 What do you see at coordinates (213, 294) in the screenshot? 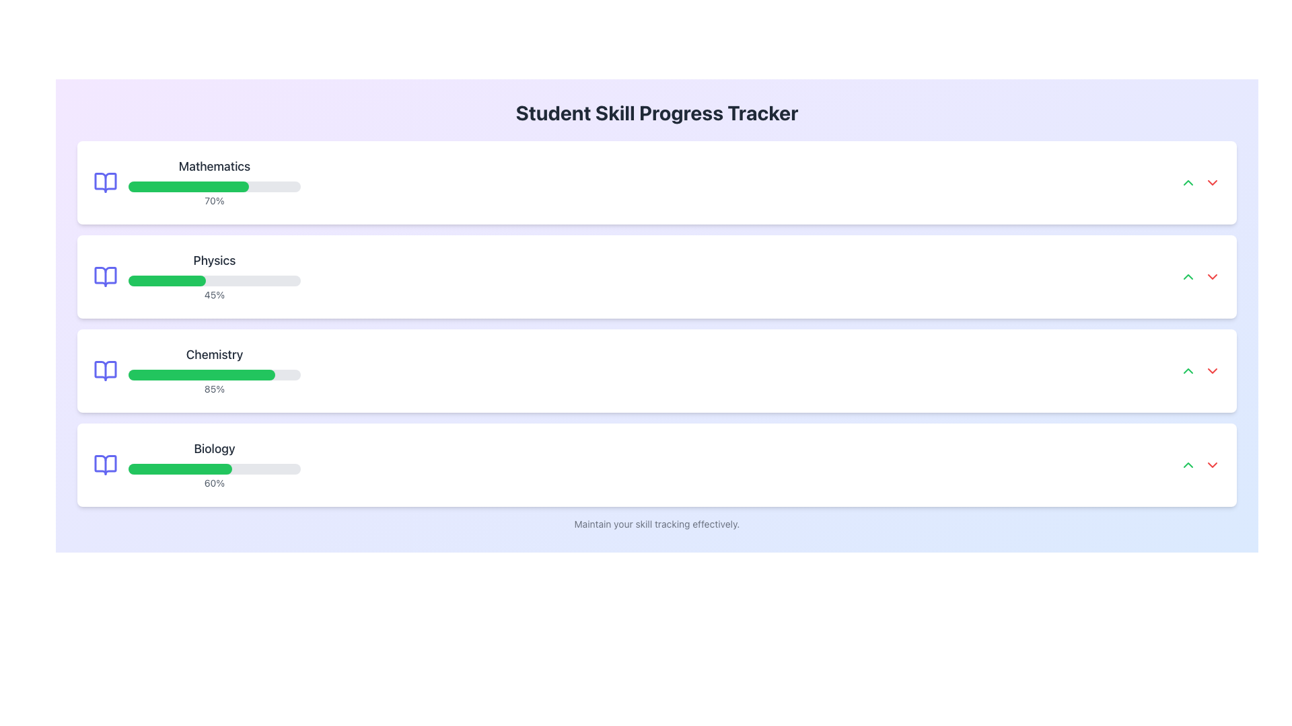
I see `the text label indicating percentage completion in the Physics section, located below the green progress bar` at bounding box center [213, 294].